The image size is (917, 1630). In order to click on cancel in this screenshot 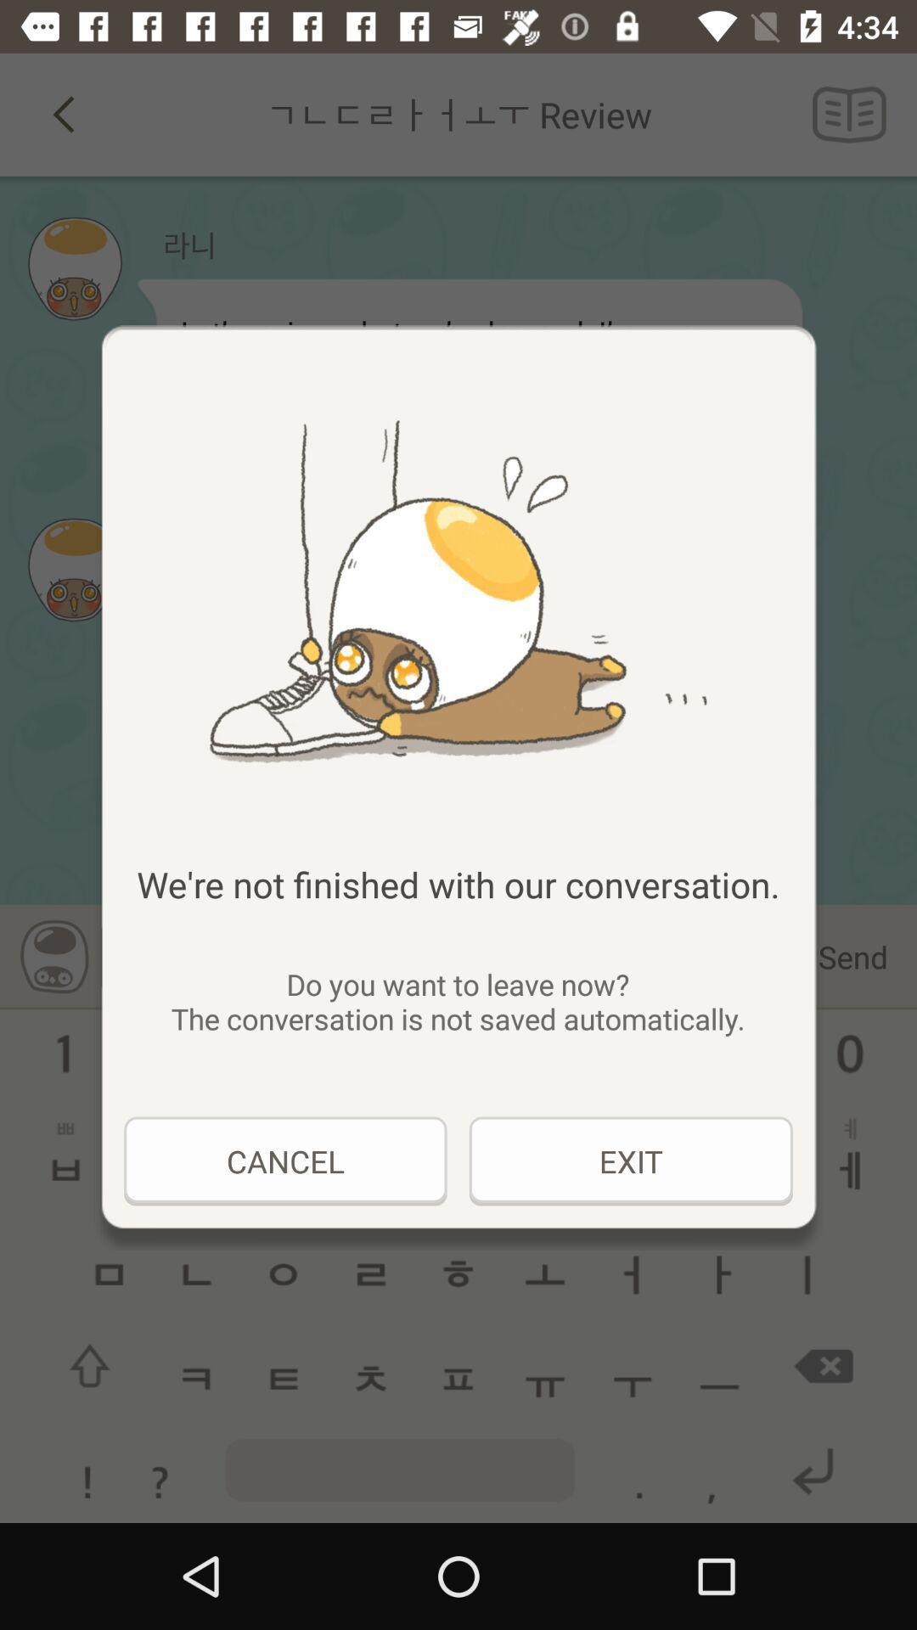, I will do `click(284, 1161)`.